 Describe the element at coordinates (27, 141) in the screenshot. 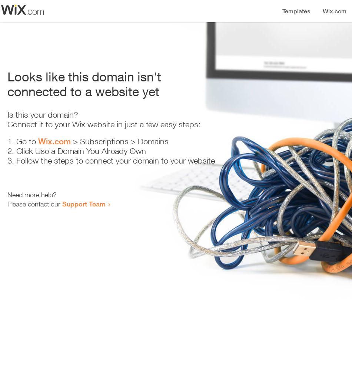

I see `'Go to'` at that location.